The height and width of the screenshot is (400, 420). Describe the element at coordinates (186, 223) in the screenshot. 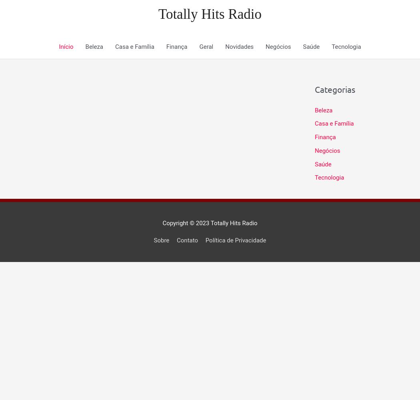

I see `'Copyright © 2023'` at that location.